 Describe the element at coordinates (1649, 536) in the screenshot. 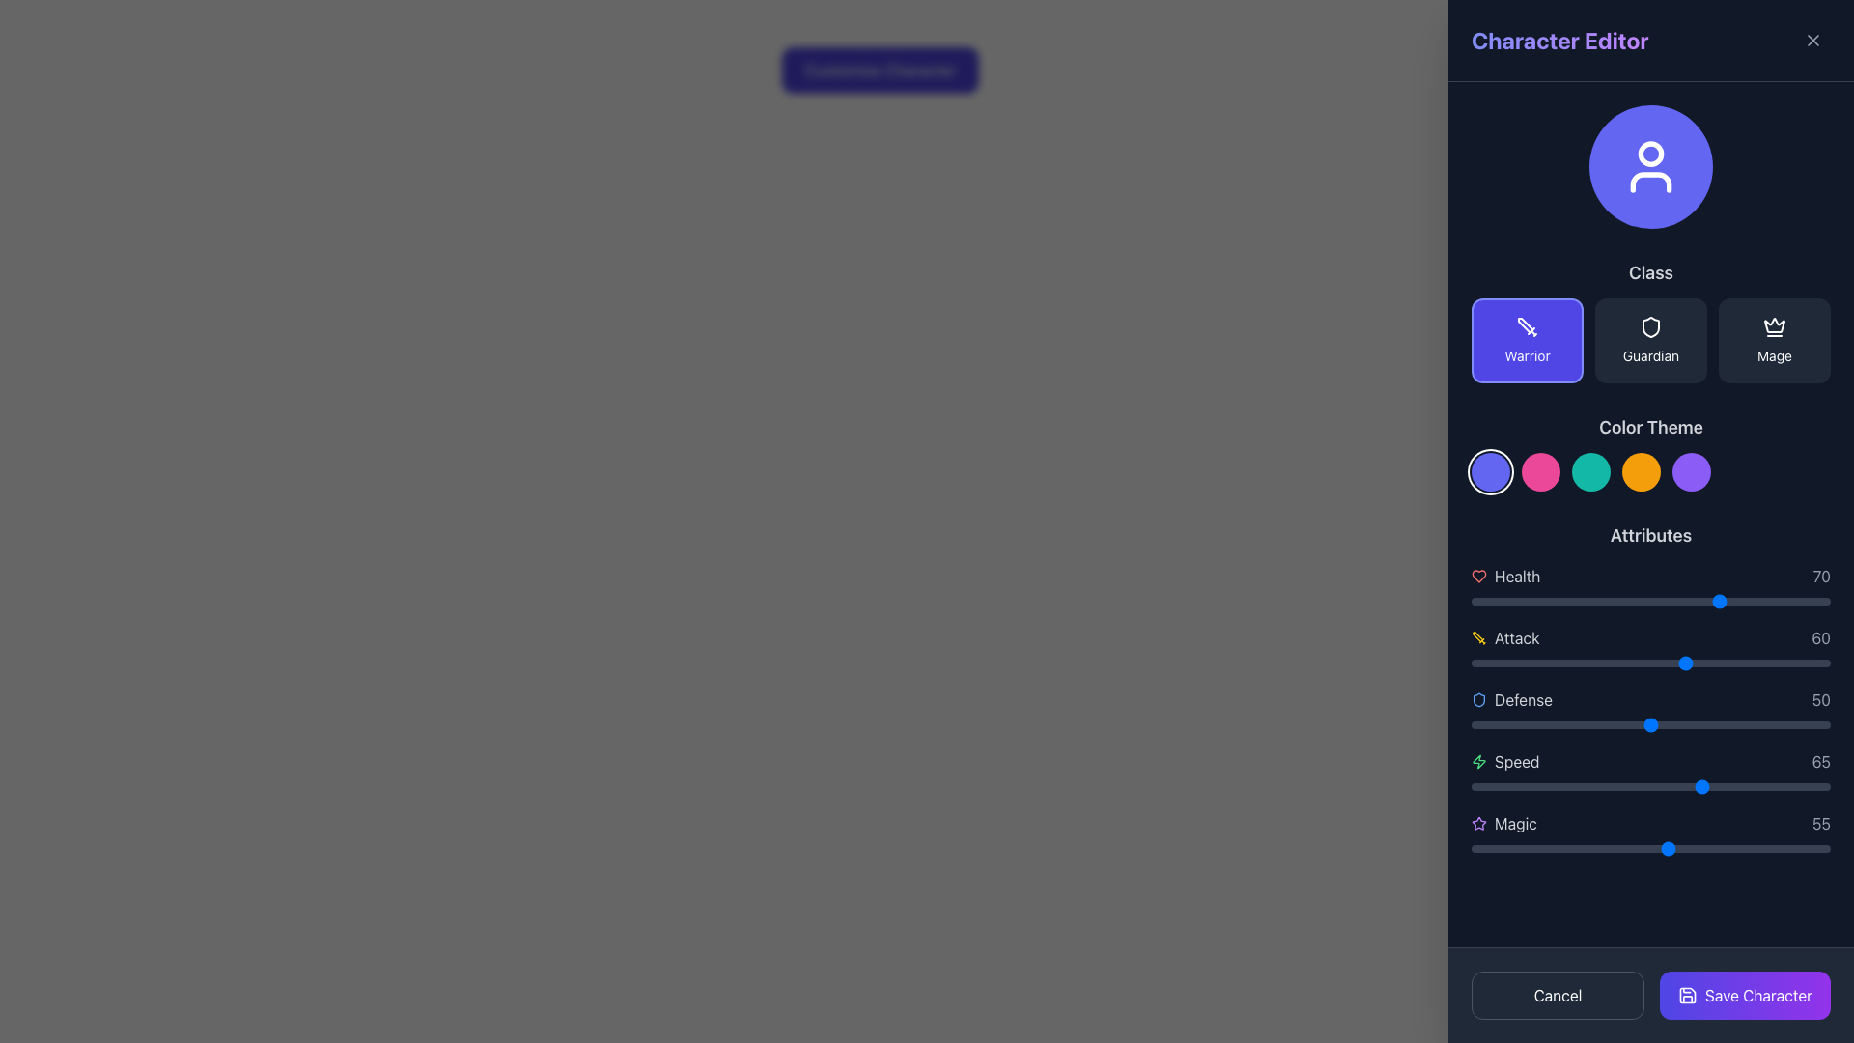

I see `text label displaying 'Attributes' in bold light gray font located in the sidebar panel under the 'Color Theme' section` at that location.